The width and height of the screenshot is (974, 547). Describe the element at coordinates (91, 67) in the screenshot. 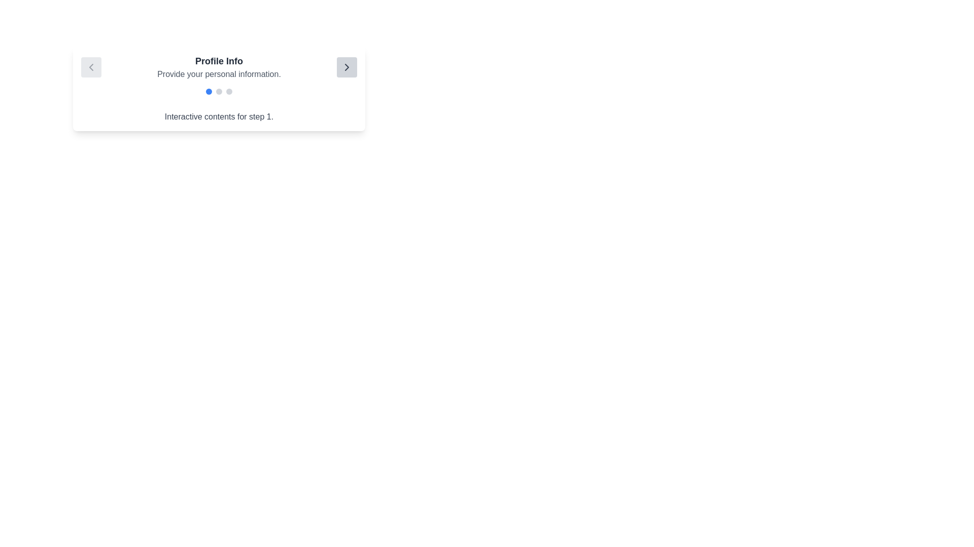

I see `the left-oriented chevron-shaped icon located to the left of the 'Profile Info.' text` at that location.